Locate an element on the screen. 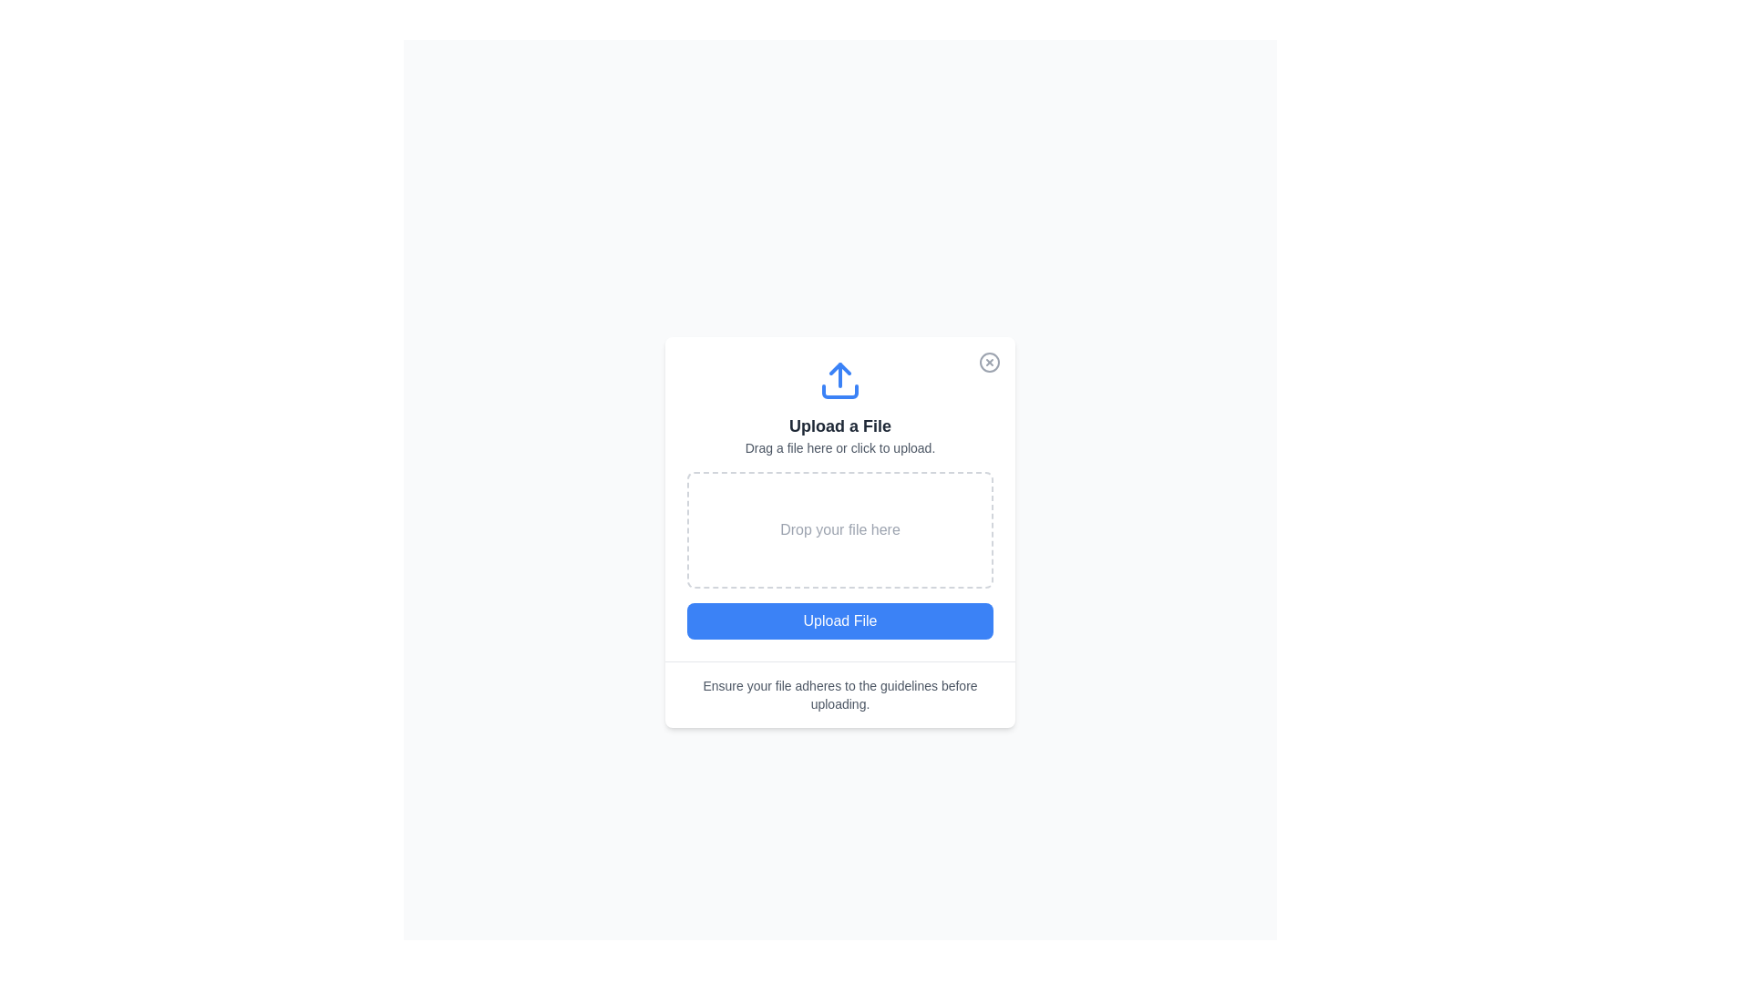  the static text block that provides instructional information to the user before file upload, located beneath the 'Upload File' button in the centered upload card is located at coordinates (839, 694).